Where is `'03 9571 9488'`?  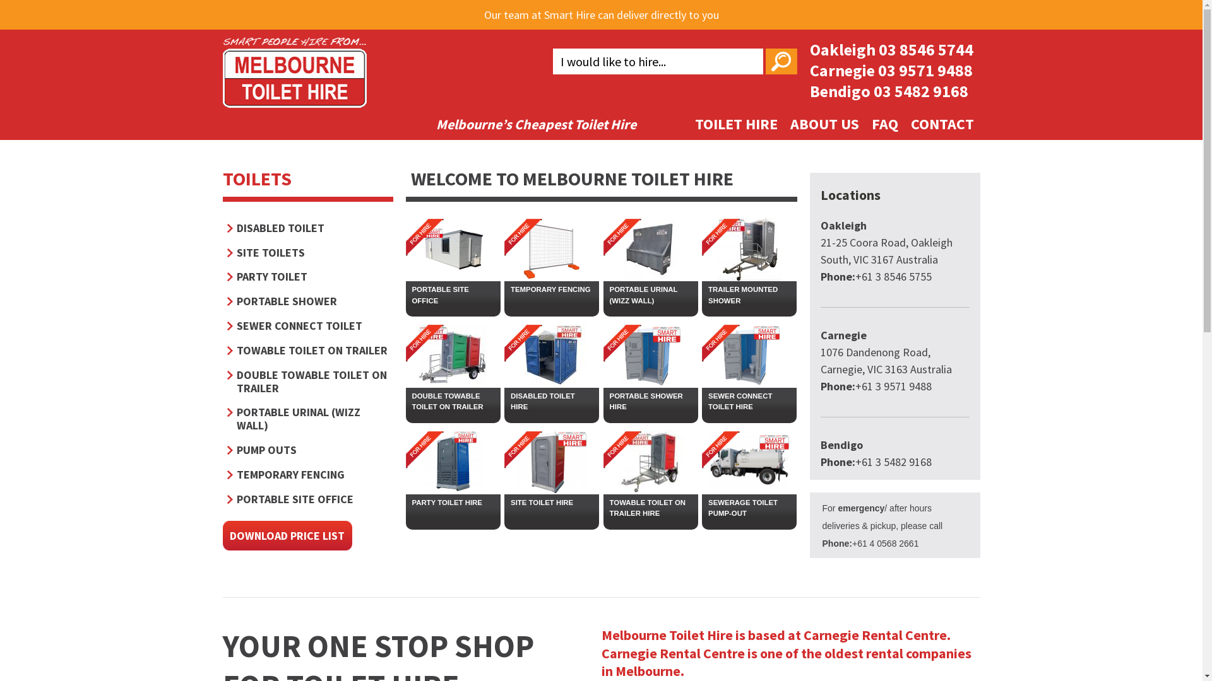 '03 9571 9488' is located at coordinates (924, 70).